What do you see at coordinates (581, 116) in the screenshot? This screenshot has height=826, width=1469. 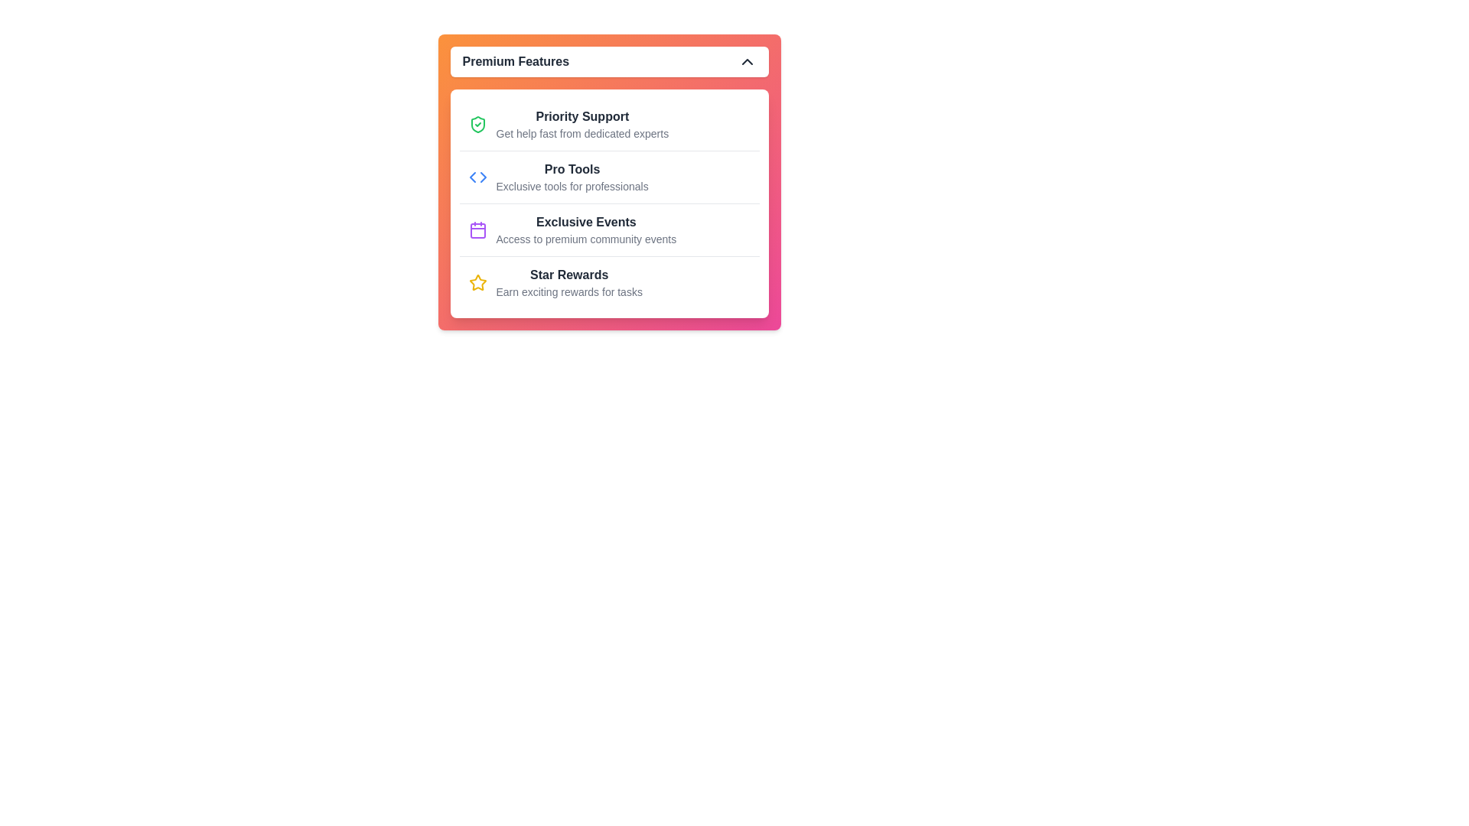 I see `the 'Priority Support' text label element, which is styled in bold dark gray and positioned in the top-most entry of a list within the 'Premium Features' card` at bounding box center [581, 116].